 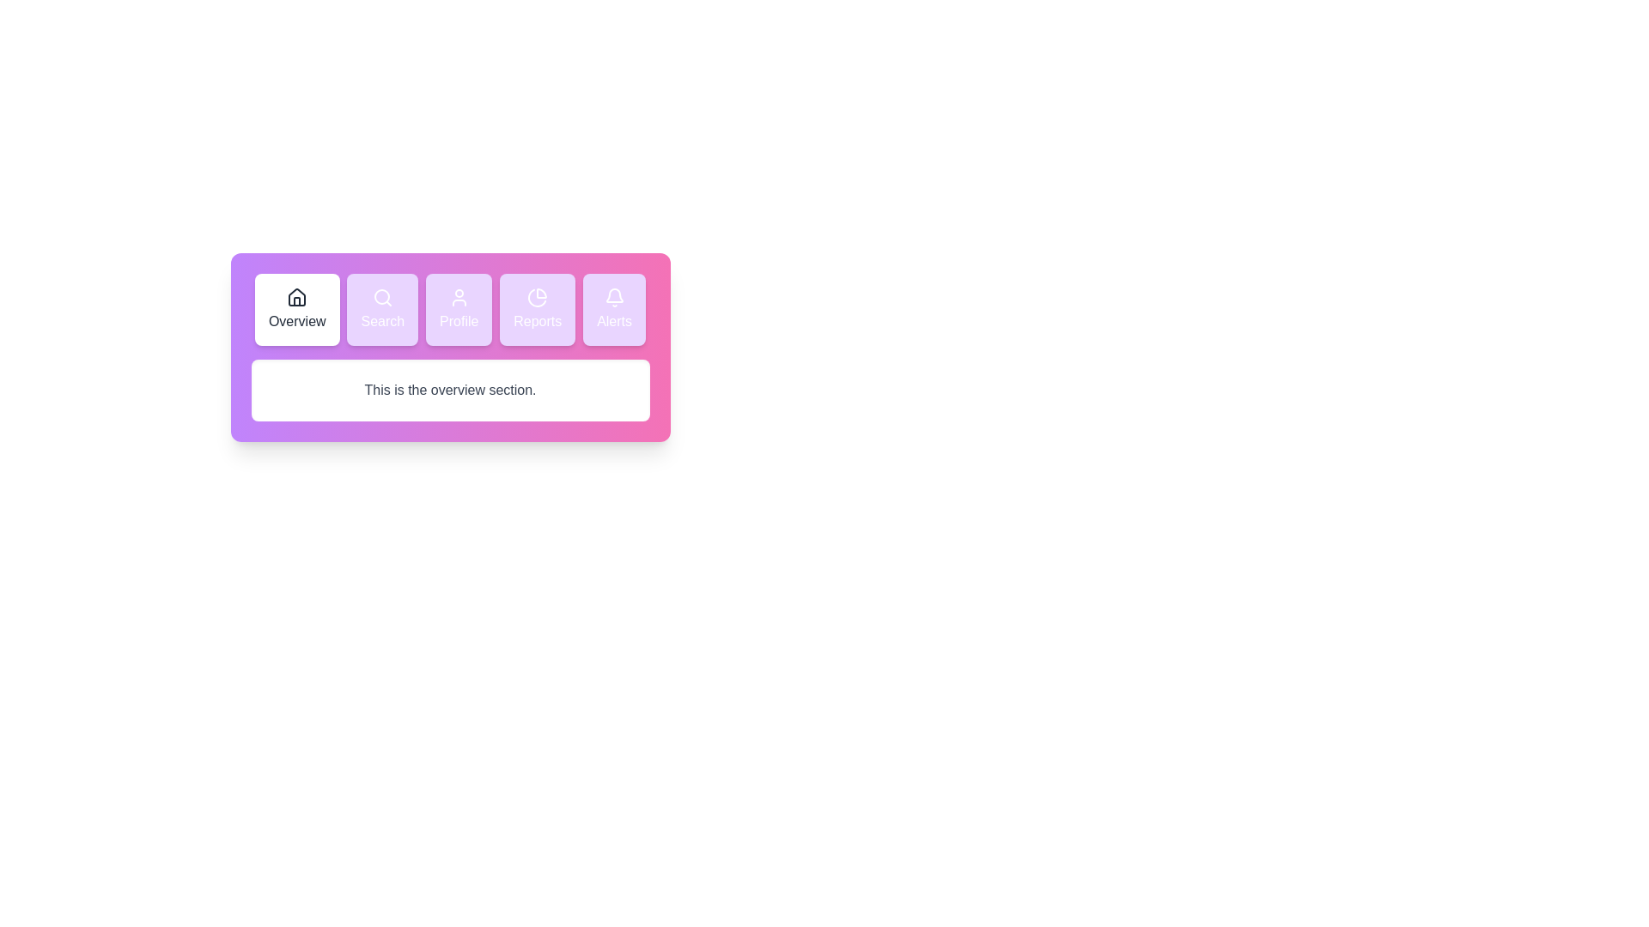 What do you see at coordinates (297, 321) in the screenshot?
I see `displayed text of the 'Overview' text label, which is in bold font and located below a house icon in the navigation menu` at bounding box center [297, 321].